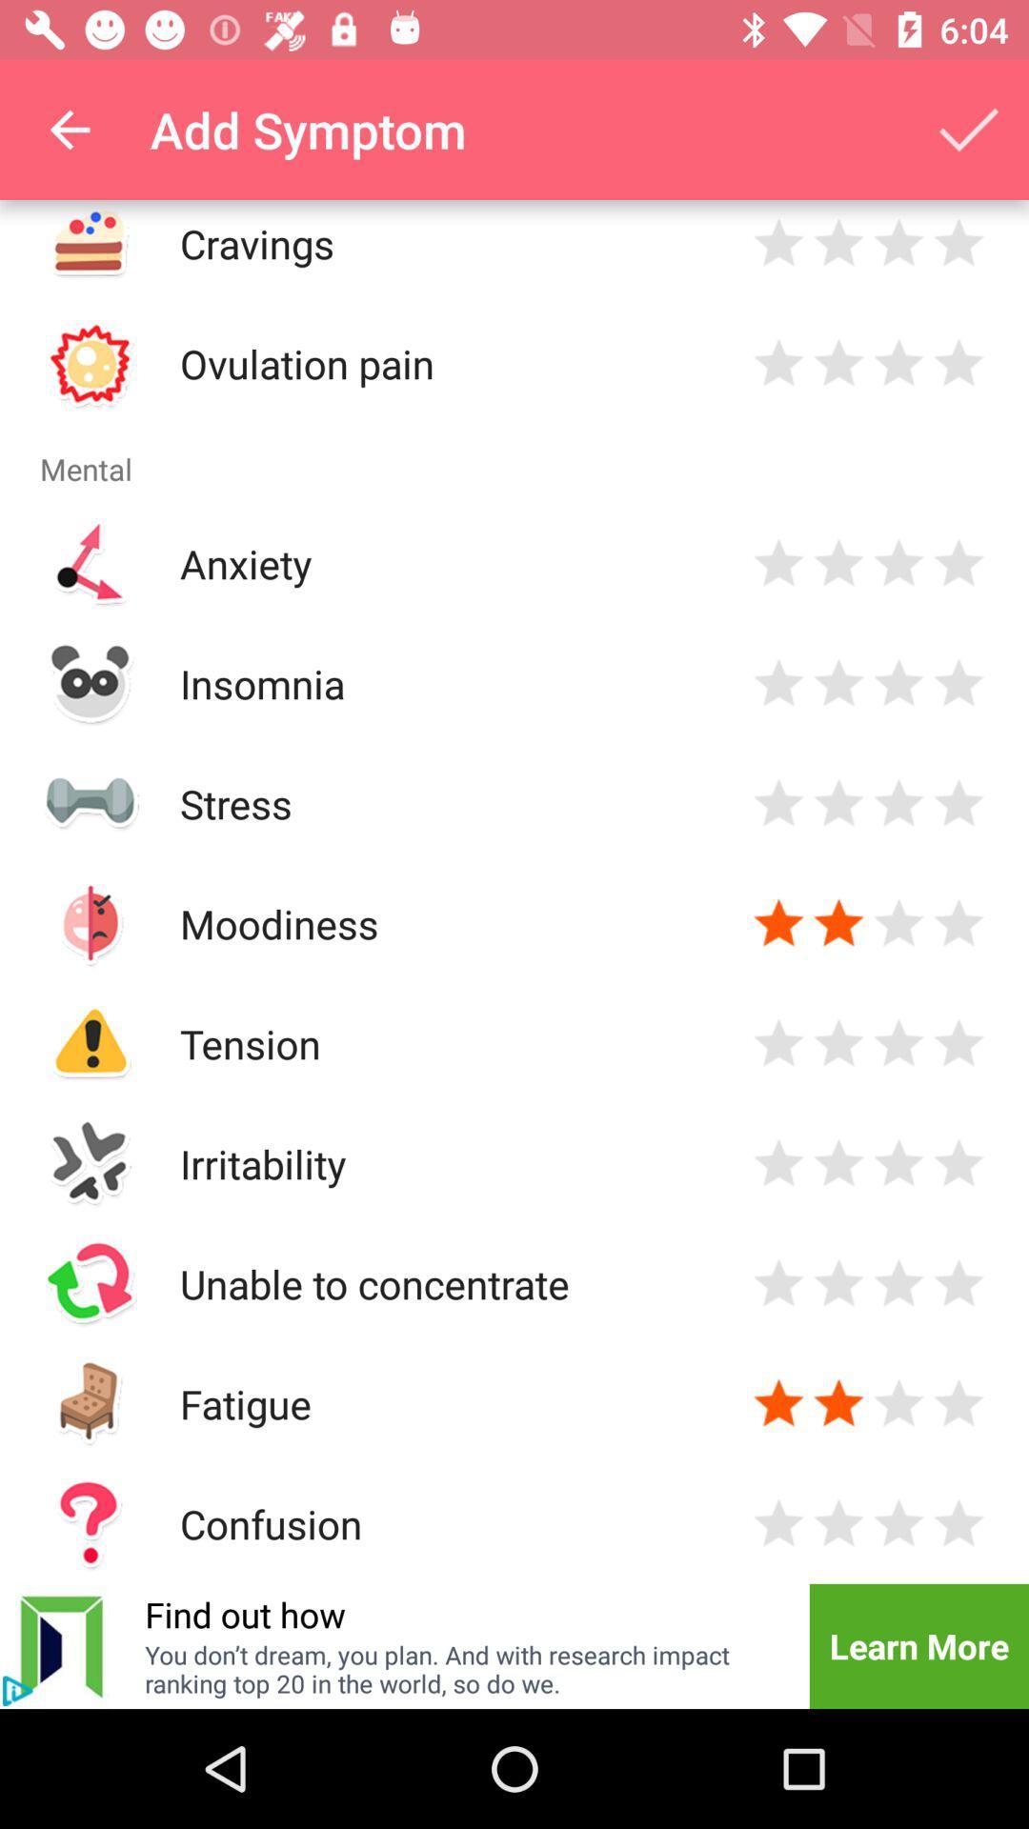  What do you see at coordinates (898, 562) in the screenshot?
I see `rate symptom 3 stars` at bounding box center [898, 562].